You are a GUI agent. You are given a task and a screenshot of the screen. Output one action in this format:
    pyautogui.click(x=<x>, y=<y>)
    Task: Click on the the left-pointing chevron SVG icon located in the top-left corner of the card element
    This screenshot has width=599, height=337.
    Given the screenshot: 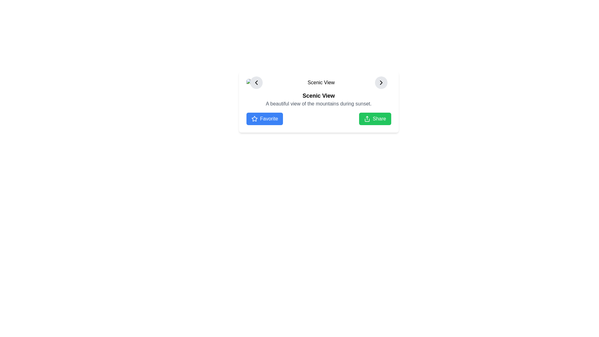 What is the action you would take?
    pyautogui.click(x=256, y=82)
    